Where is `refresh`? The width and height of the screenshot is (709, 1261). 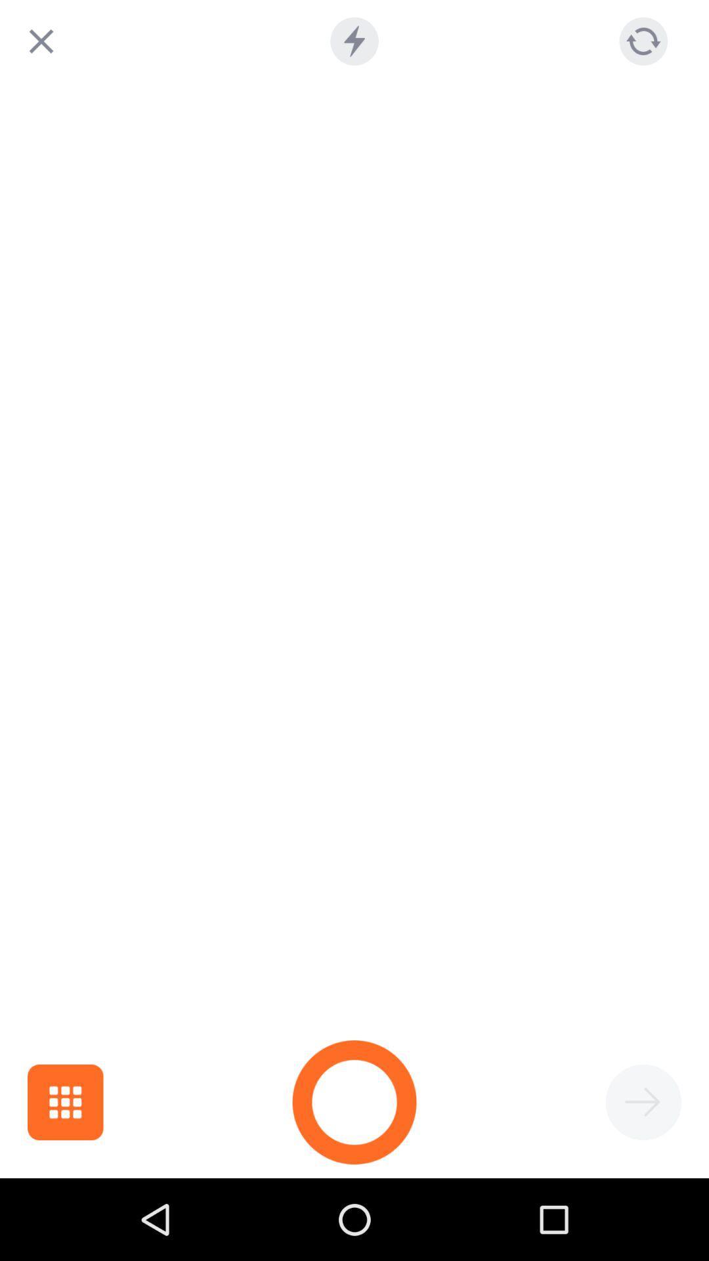
refresh is located at coordinates (643, 41).